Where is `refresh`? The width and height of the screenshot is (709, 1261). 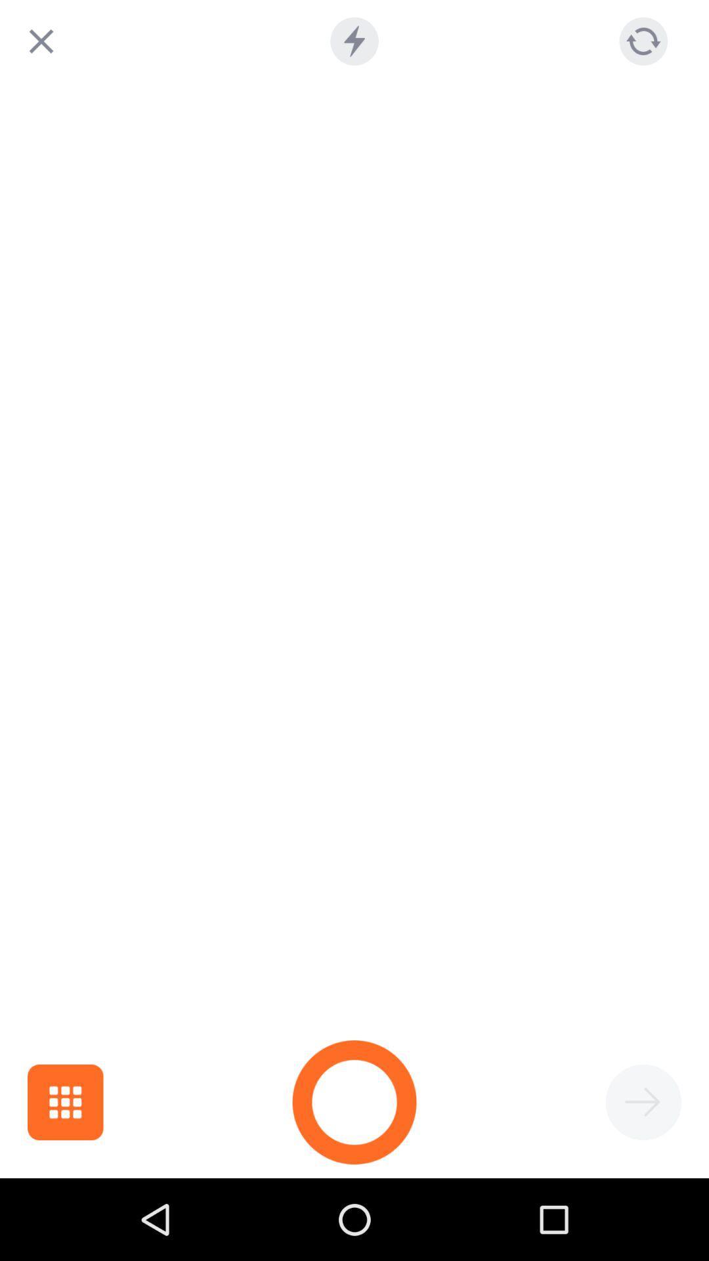
refresh is located at coordinates (643, 41).